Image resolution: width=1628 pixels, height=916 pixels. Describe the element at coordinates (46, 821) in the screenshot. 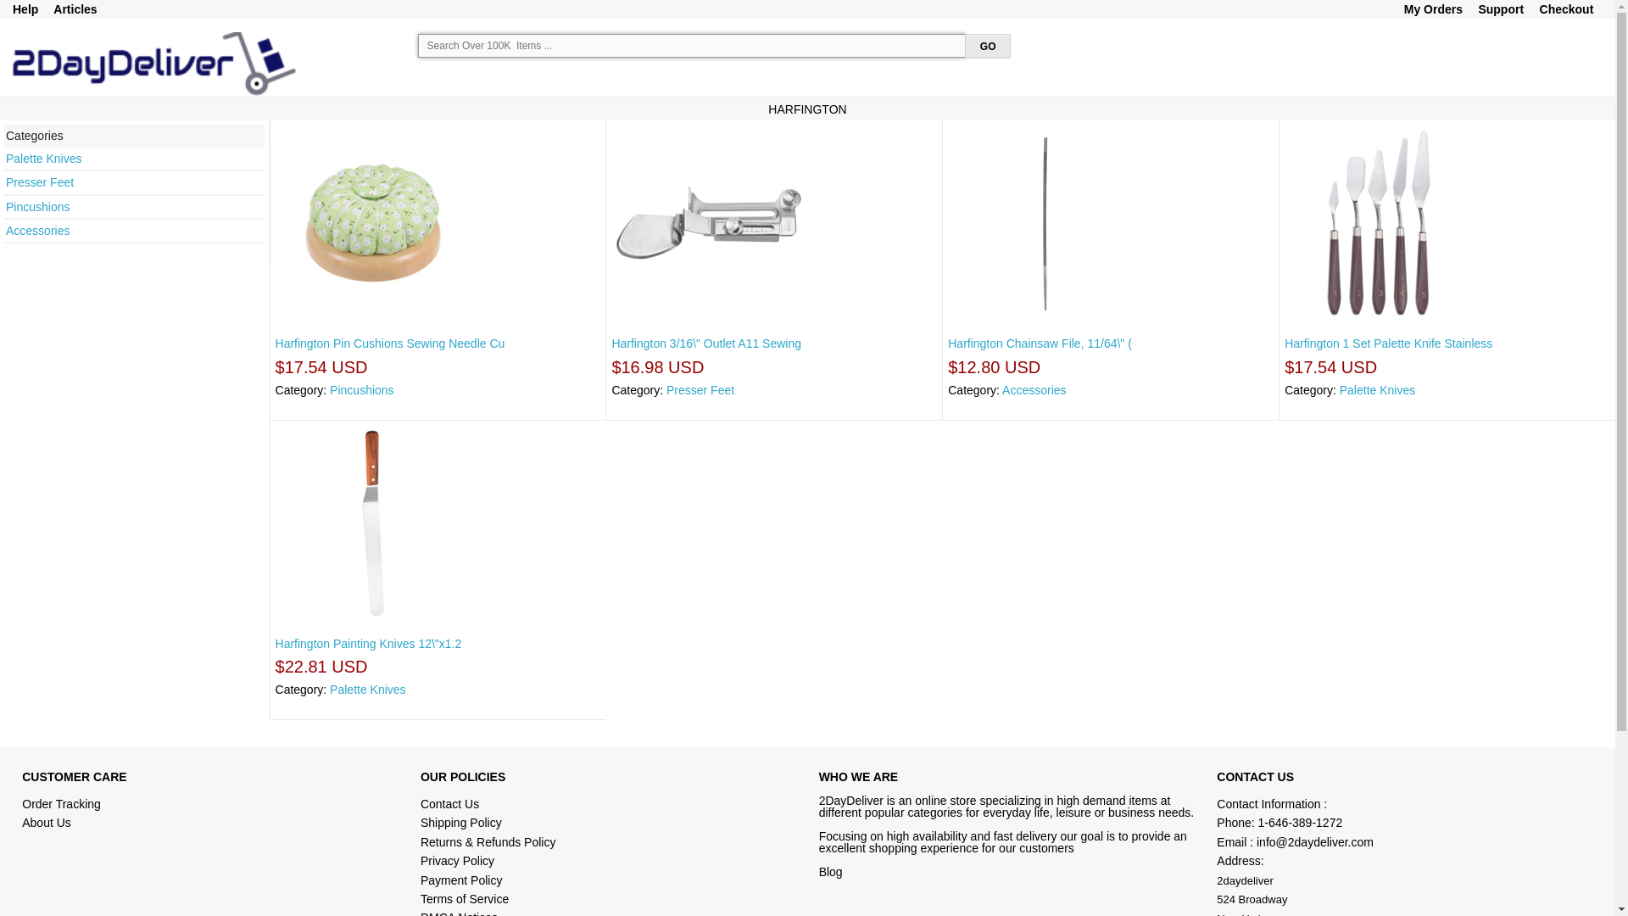

I see `'About Us'` at that location.